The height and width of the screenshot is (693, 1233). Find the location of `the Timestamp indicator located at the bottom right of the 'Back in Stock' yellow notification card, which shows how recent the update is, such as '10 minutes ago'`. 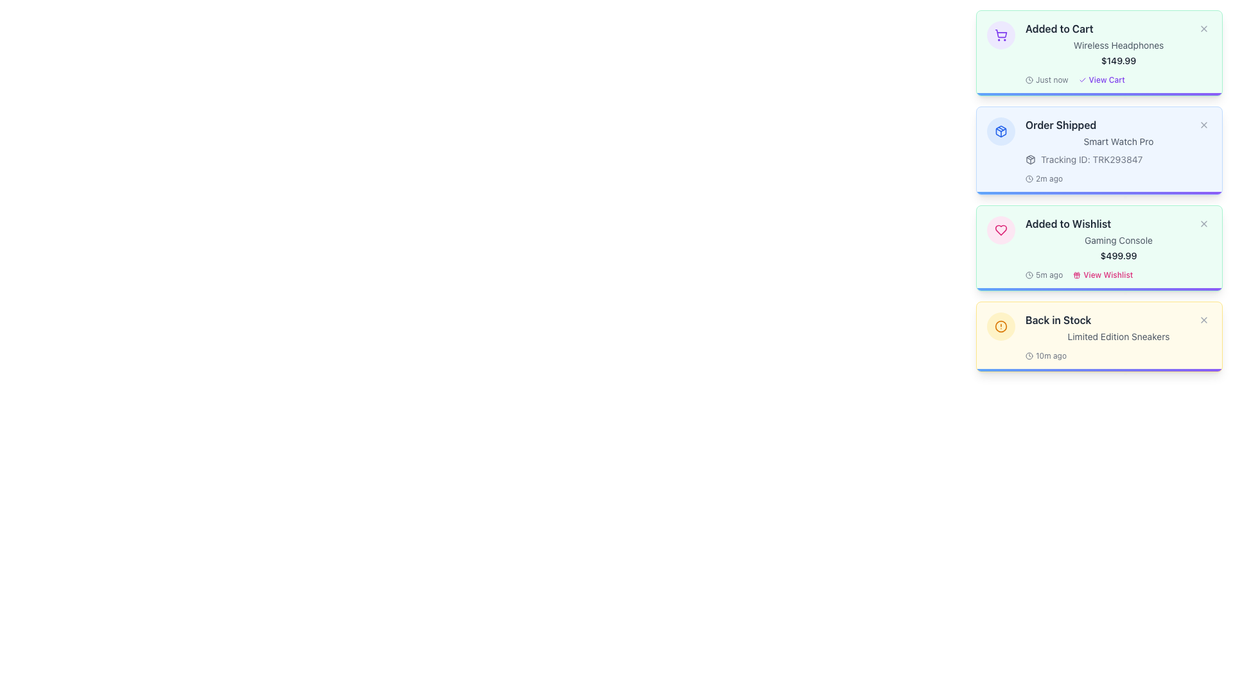

the Timestamp indicator located at the bottom right of the 'Back in Stock' yellow notification card, which shows how recent the update is, such as '10 minutes ago' is located at coordinates (1045, 356).